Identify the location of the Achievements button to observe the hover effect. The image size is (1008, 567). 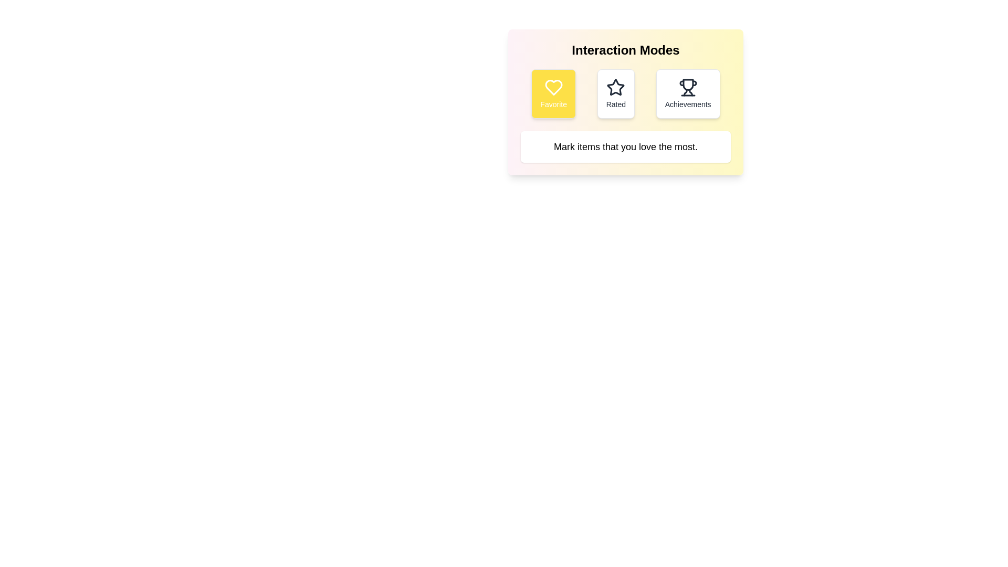
(688, 93).